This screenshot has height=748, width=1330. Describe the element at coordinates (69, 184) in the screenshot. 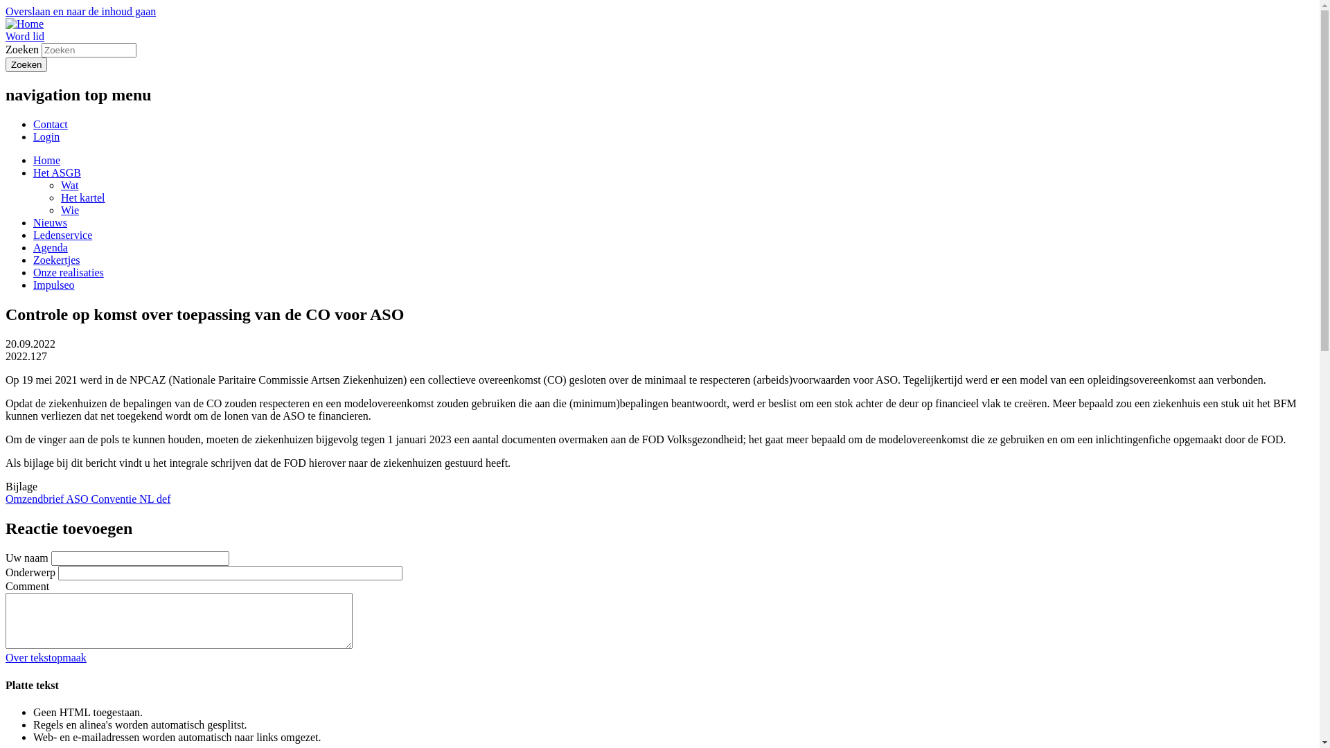

I see `'Wat'` at that location.